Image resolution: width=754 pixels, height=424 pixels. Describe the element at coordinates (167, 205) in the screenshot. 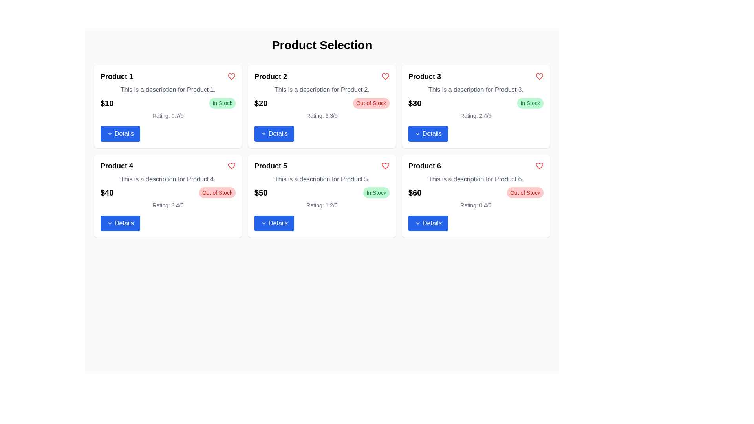

I see `average rating score displayed in the Text label for 'Product 4', located below the price and stock status, and above the 'Details' button` at that location.